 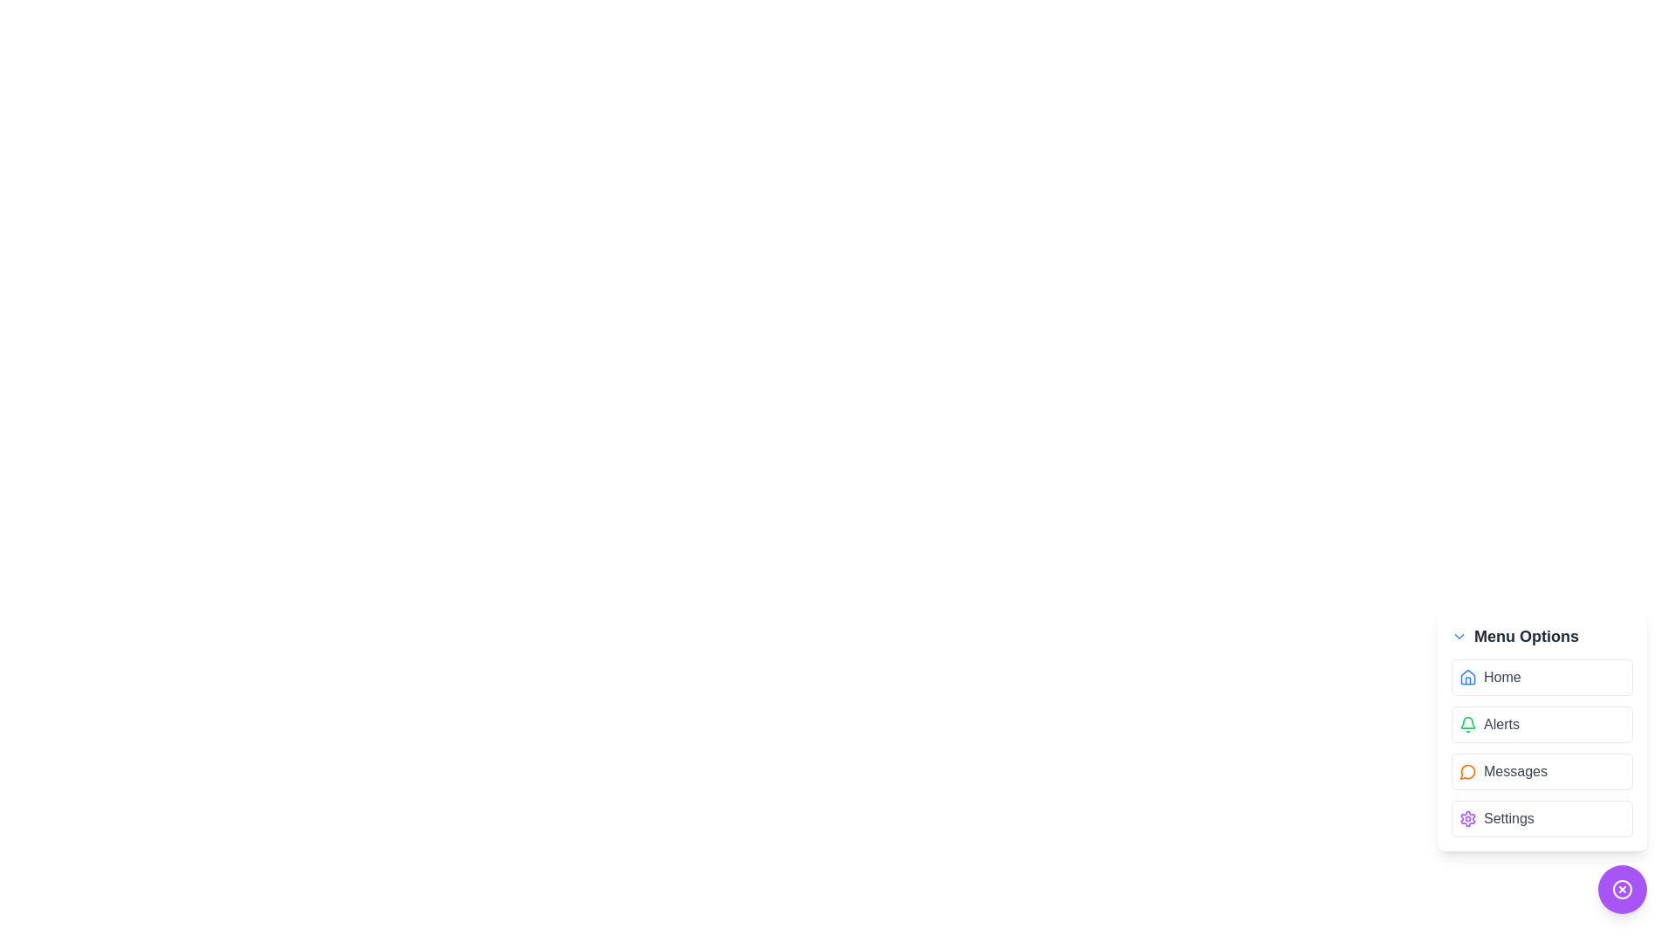 I want to click on the dropdown toggle icon located at the leftmost edge of the 'Menu Options' header, so click(x=1460, y=636).